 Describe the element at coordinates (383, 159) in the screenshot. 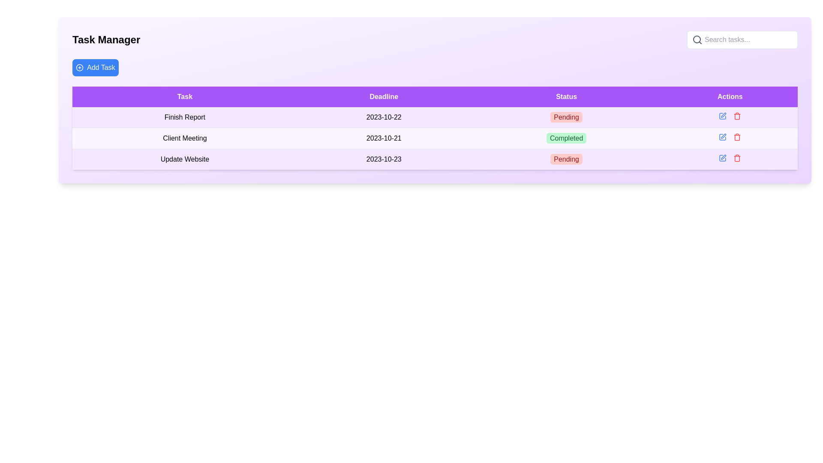

I see `the Text Label representing the deadline for the 'Update Website' task in the task management interface, located in the third row under the 'Deadline' column` at that location.